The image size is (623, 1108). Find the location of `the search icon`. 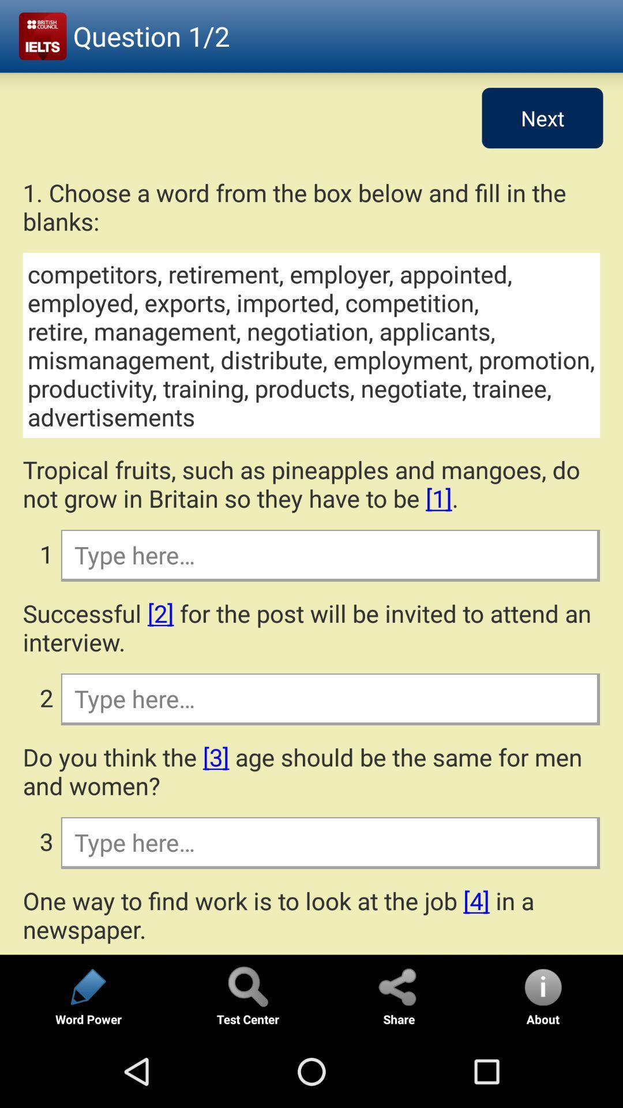

the search icon is located at coordinates (247, 1056).